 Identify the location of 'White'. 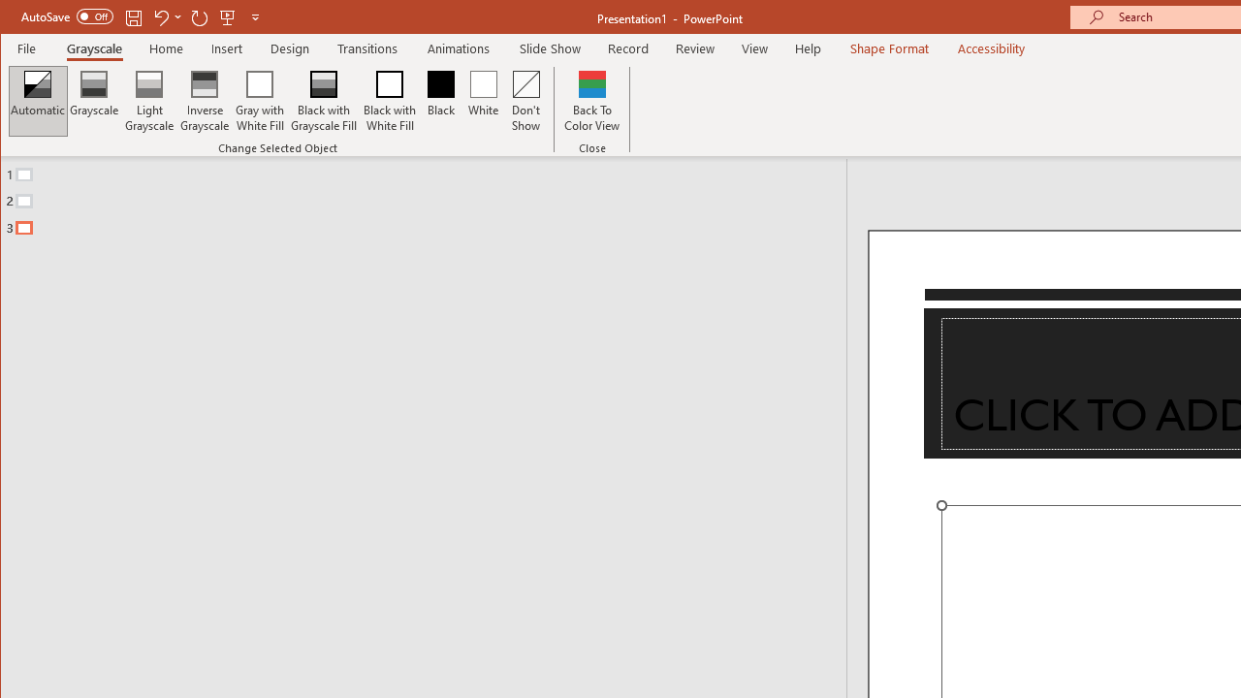
(483, 101).